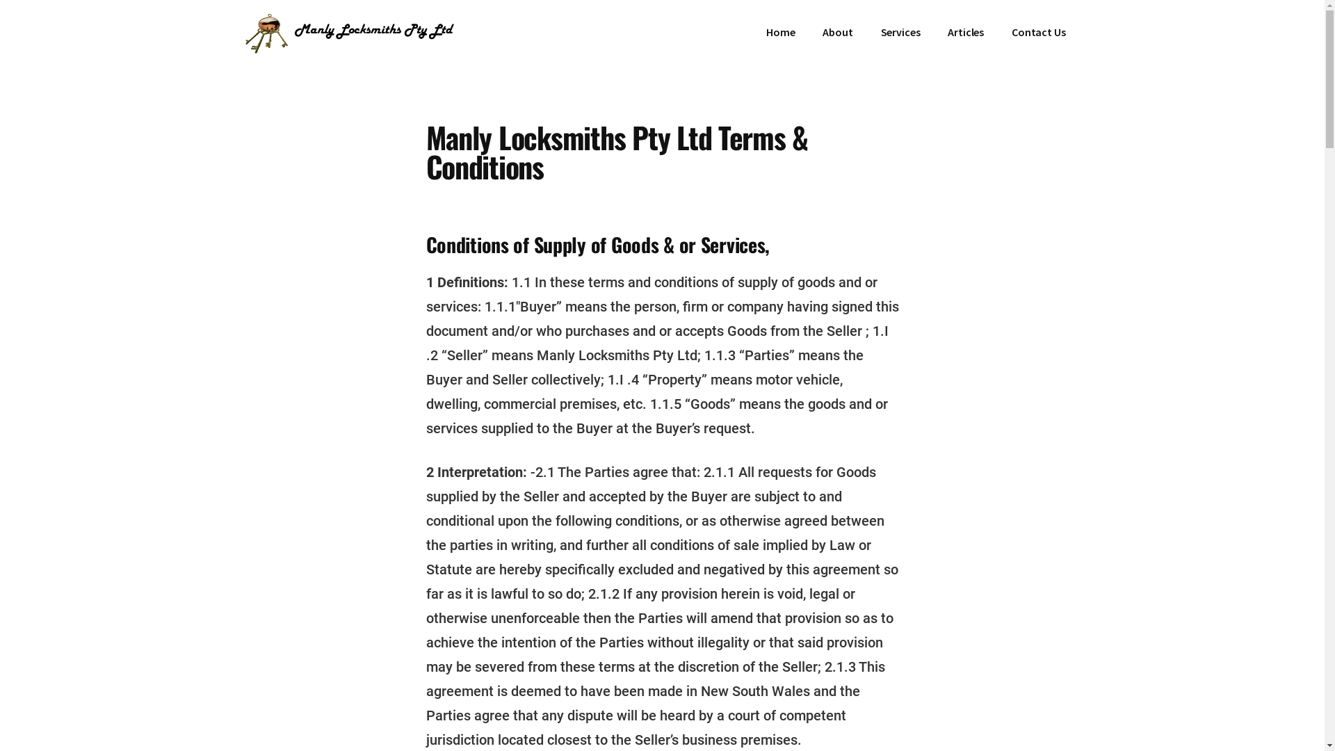 The height and width of the screenshot is (751, 1335). Describe the element at coordinates (964, 31) in the screenshot. I see `'Articles'` at that location.